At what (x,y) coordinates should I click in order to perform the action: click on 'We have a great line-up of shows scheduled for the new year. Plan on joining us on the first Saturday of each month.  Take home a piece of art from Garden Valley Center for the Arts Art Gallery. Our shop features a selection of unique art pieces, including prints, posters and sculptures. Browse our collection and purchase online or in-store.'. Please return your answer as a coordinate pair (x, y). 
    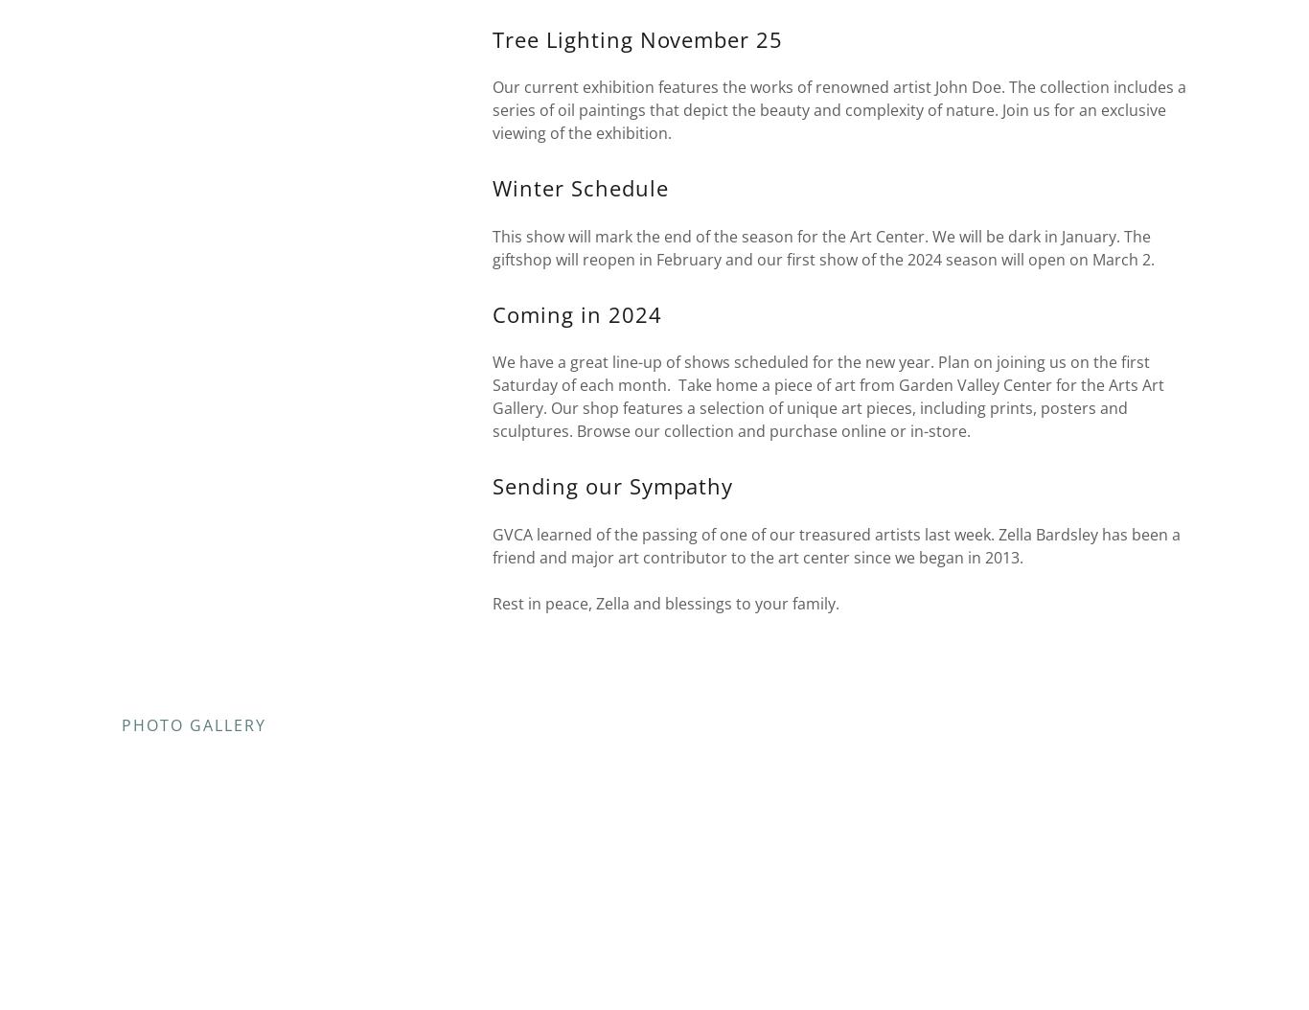
    Looking at the image, I should click on (826, 396).